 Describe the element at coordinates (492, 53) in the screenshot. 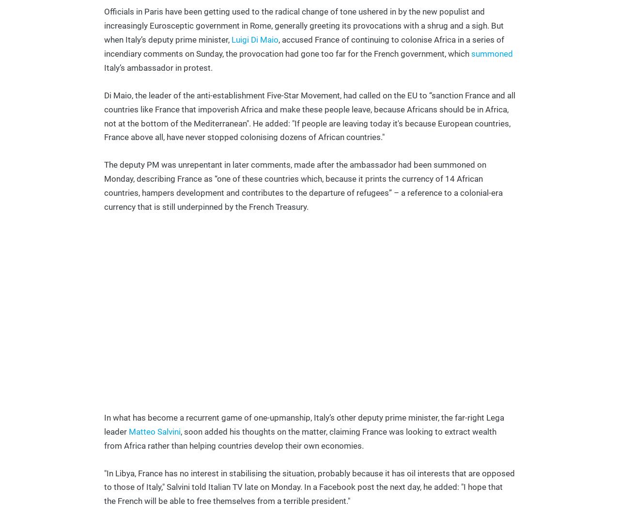

I see `'summoned'` at that location.